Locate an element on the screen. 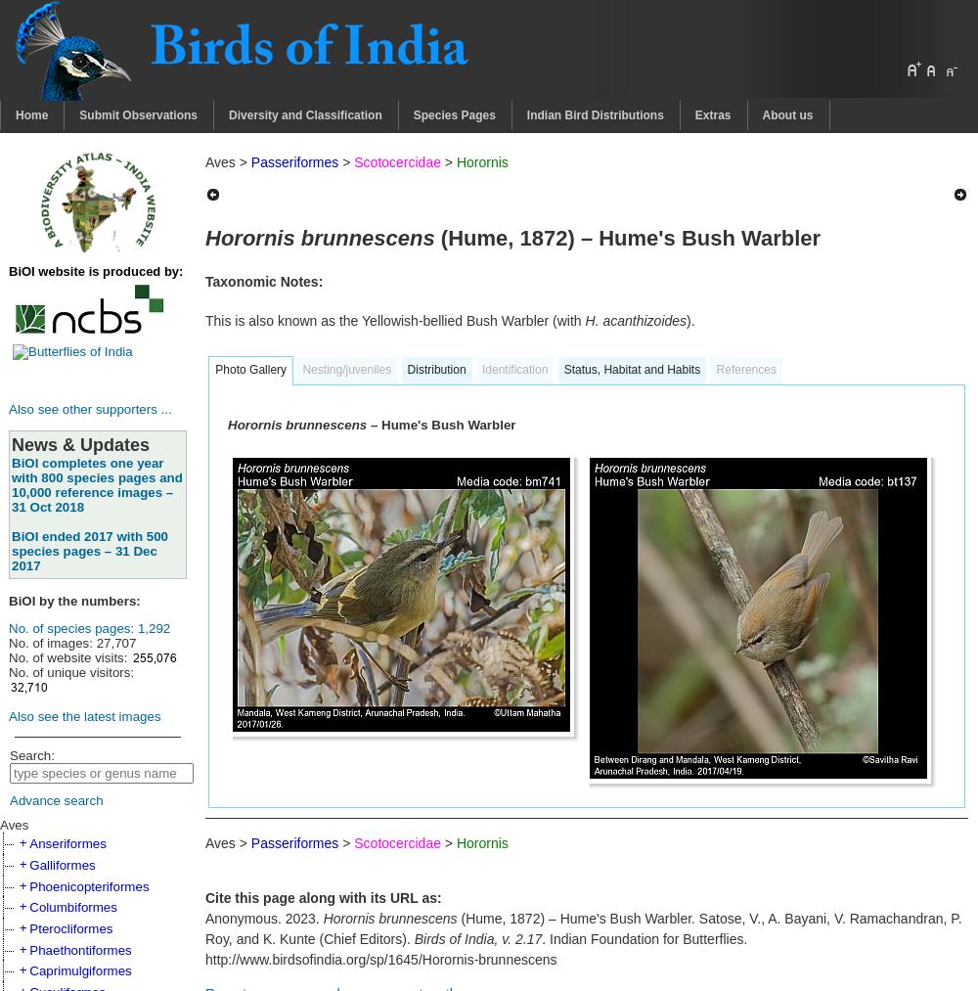 The image size is (978, 991). 'No. of website visits:' is located at coordinates (68, 655).